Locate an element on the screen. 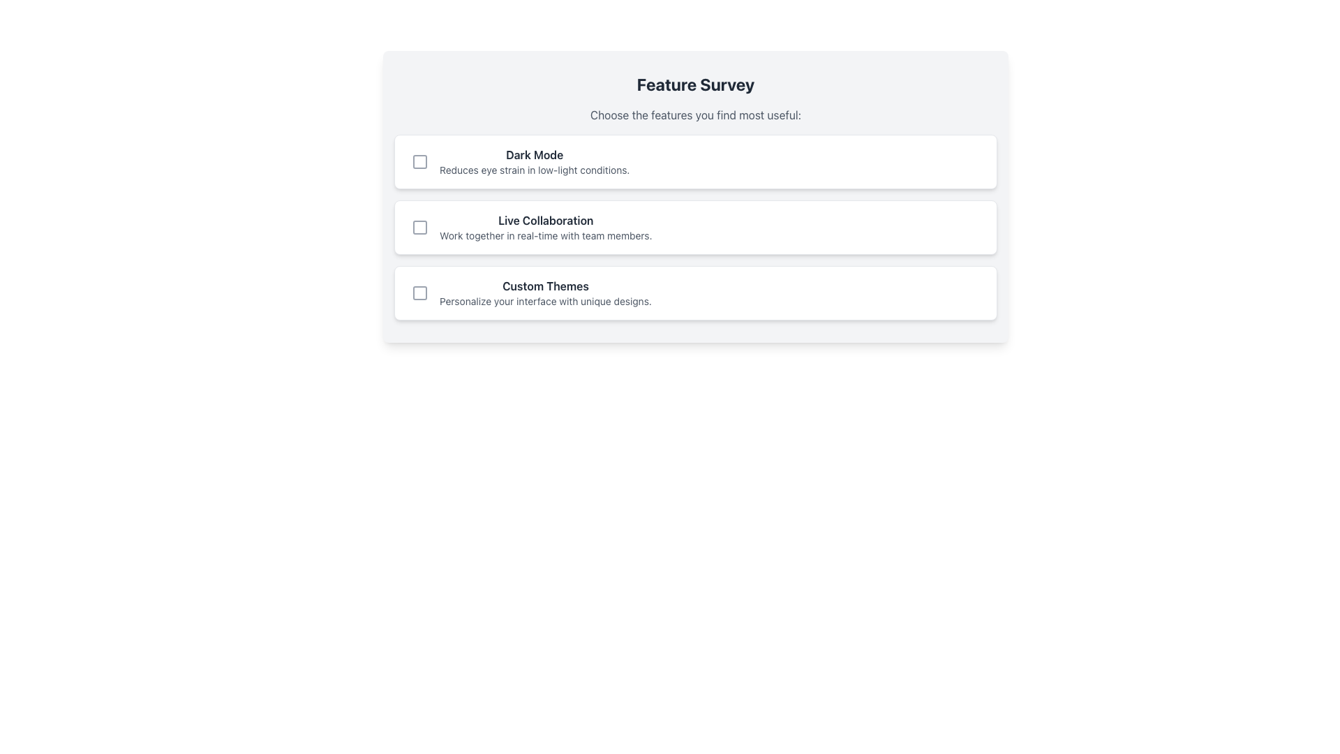  the rounded square icon of the checkbox indicator for the 'Custom Themes' option, which is the third item in the list is located at coordinates (419, 293).